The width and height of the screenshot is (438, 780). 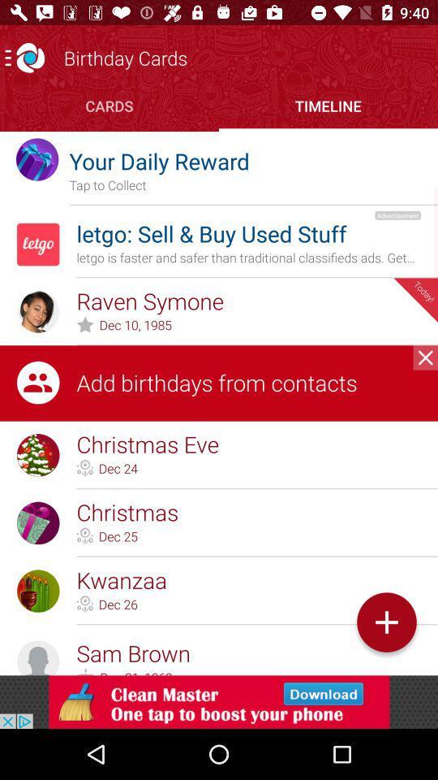 I want to click on download sponsored app, so click(x=219, y=701).